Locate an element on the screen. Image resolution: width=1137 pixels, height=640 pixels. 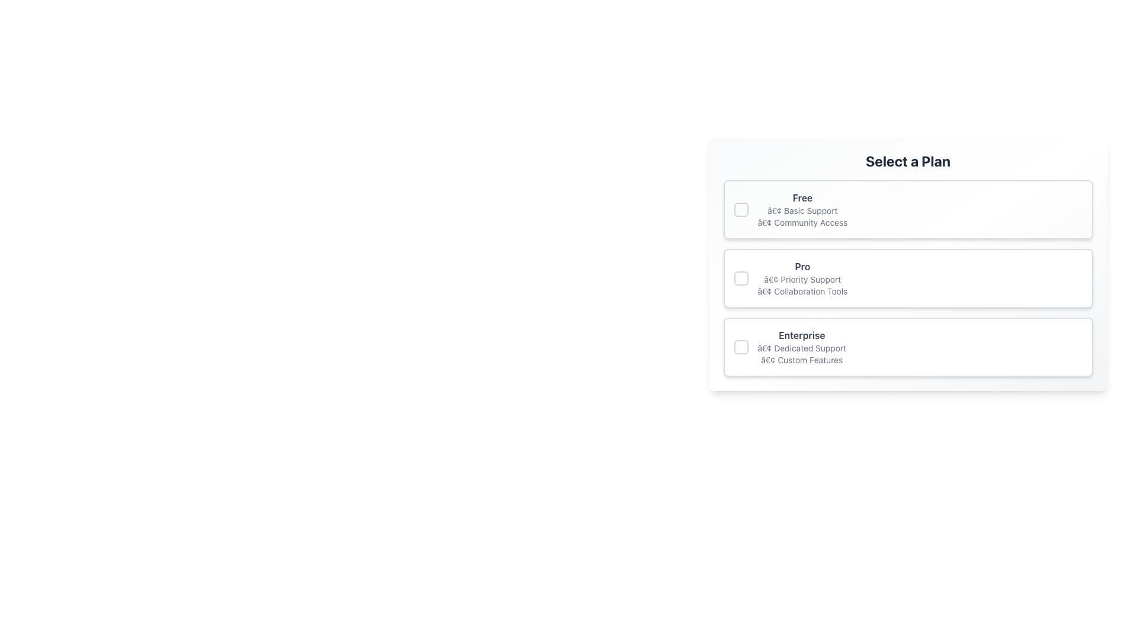
the 'Pro' tier Selection Card, which is the second card in a vertical list of three options within the 'Select a Plan' section is located at coordinates (907, 264).